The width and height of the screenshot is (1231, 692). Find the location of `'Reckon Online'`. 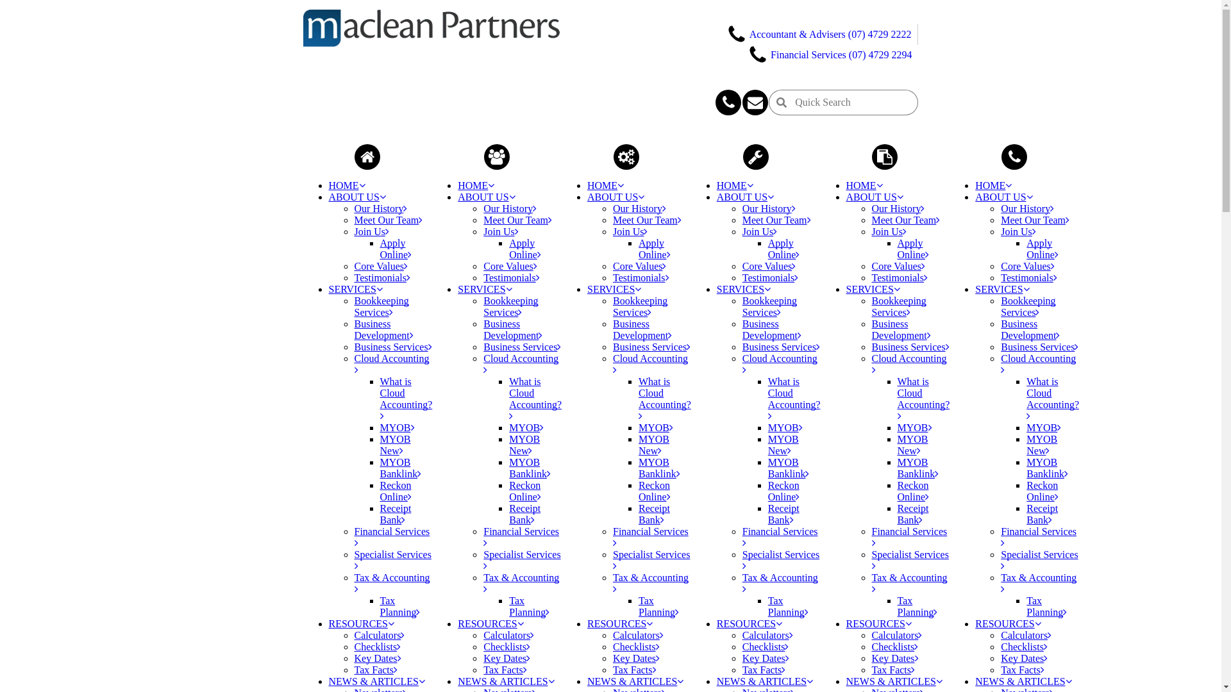

'Reckon Online' is located at coordinates (525, 490).